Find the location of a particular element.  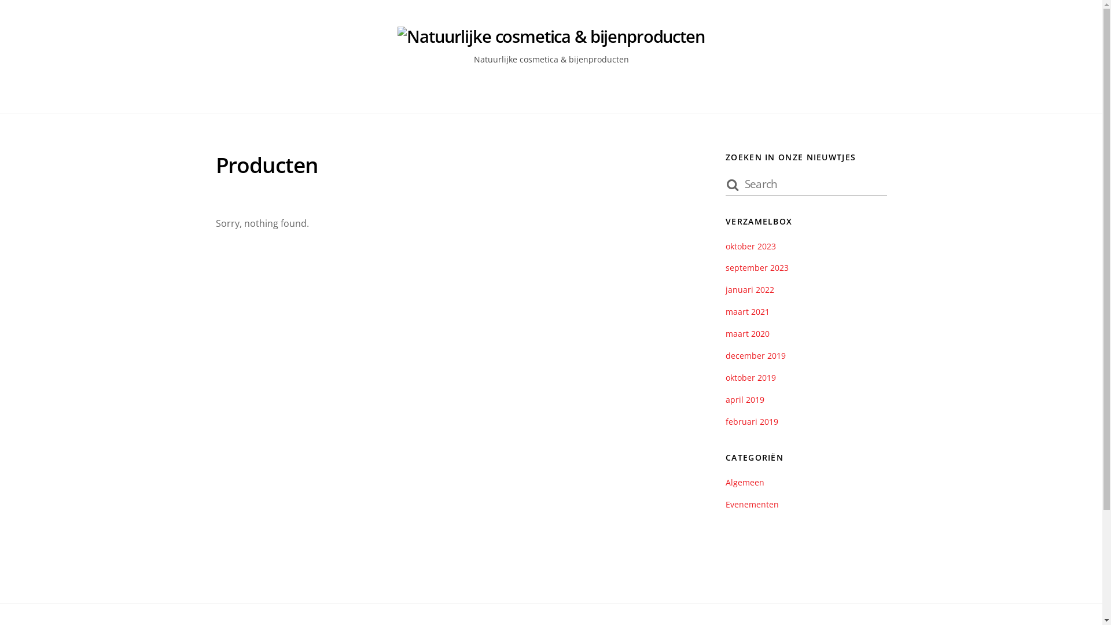

'Logo BeeHealth' is located at coordinates (550, 36).